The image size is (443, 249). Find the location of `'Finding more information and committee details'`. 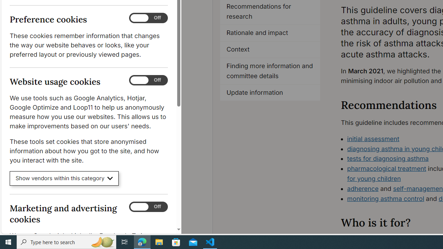

'Finding more information and committee details' is located at coordinates (270, 71).